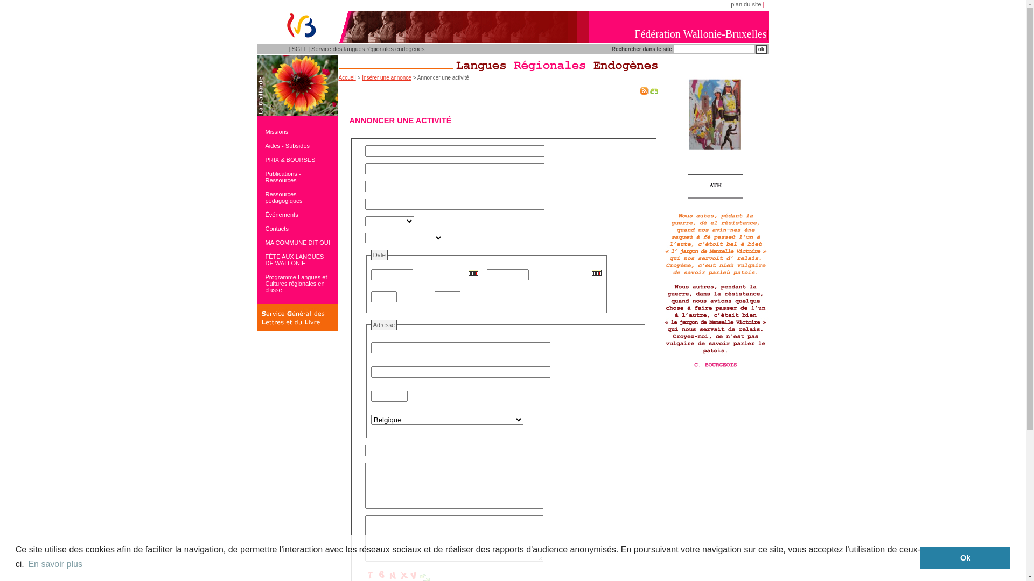  Describe the element at coordinates (346, 77) in the screenshot. I see `'Accueil'` at that location.